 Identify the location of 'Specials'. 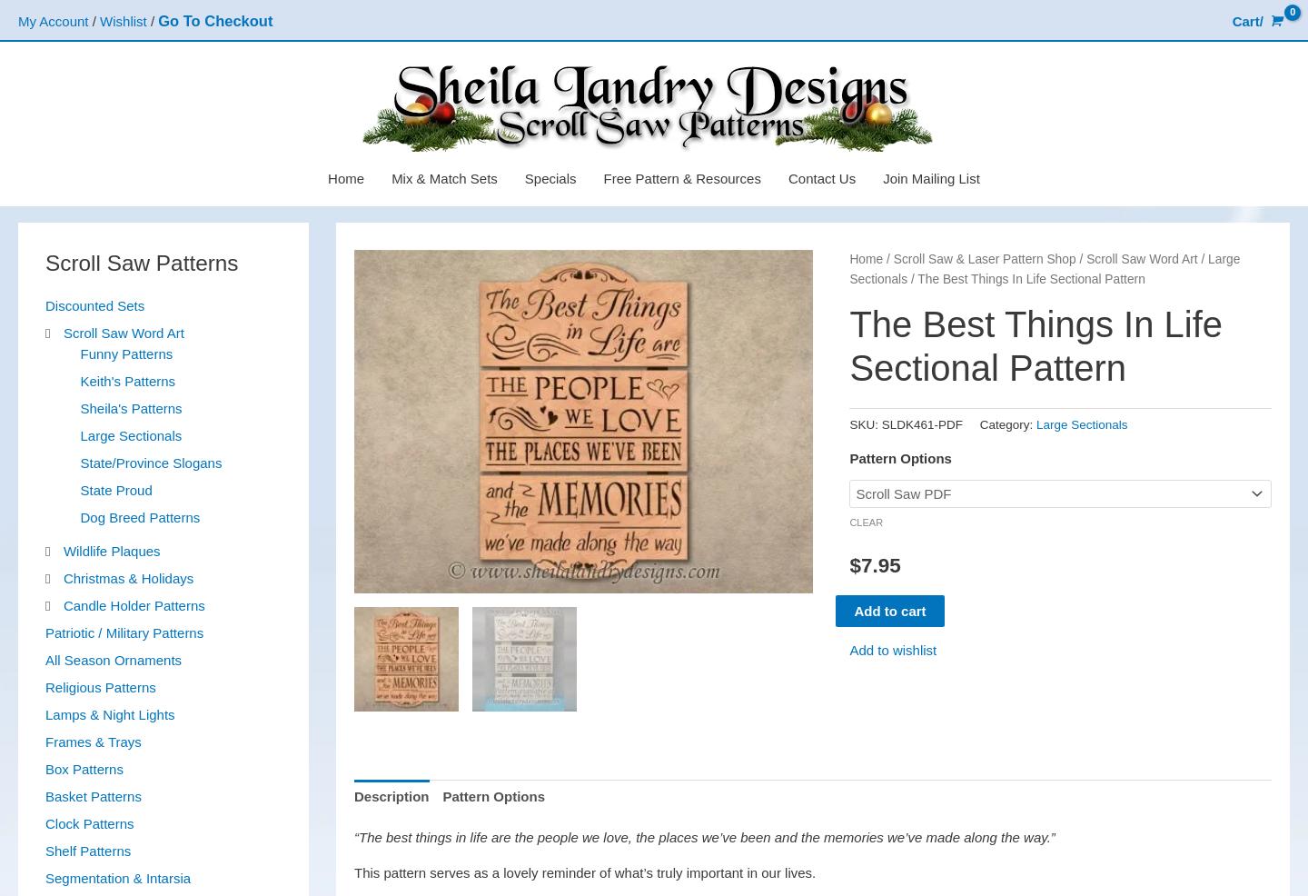
(549, 176).